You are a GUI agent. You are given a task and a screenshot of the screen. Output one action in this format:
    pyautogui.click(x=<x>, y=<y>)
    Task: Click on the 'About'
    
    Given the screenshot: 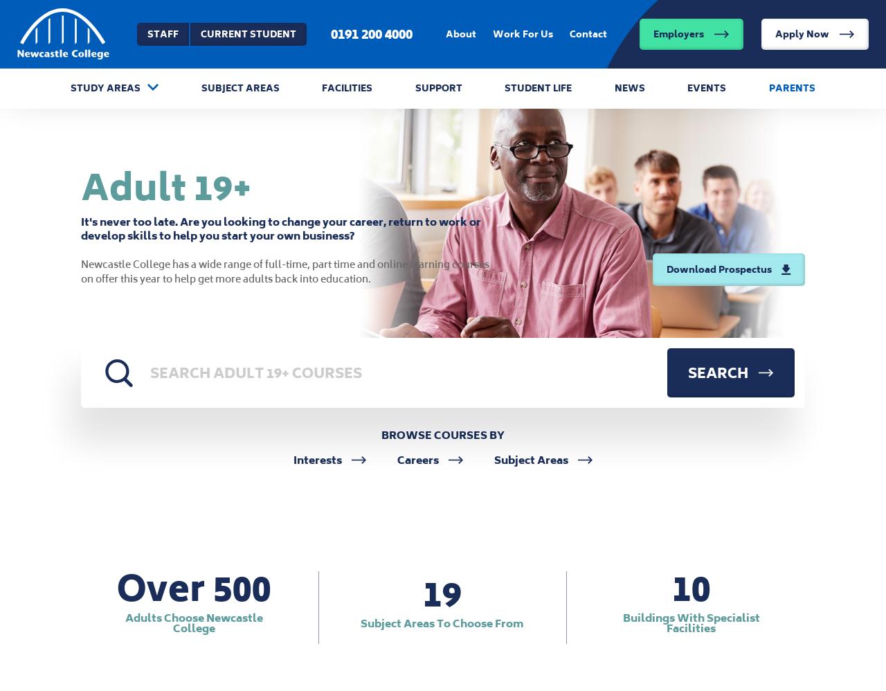 What is the action you would take?
    pyautogui.click(x=460, y=33)
    